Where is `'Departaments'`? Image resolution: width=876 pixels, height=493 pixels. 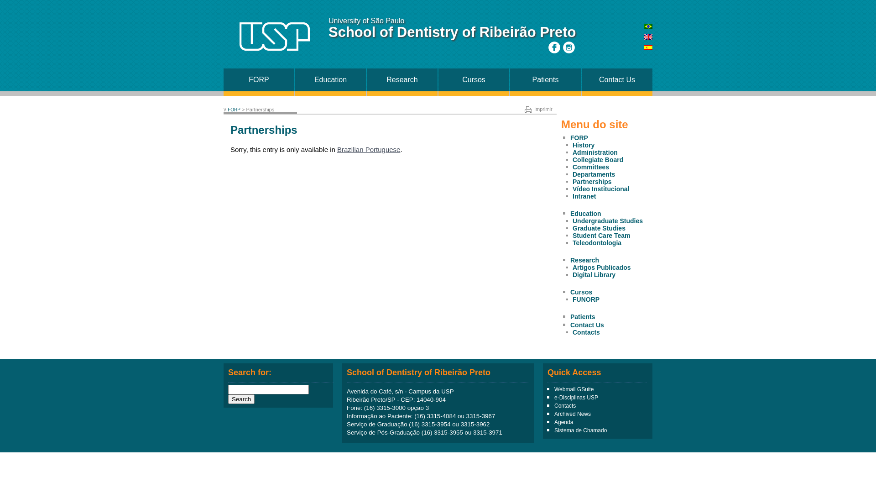
'Departaments' is located at coordinates (594, 174).